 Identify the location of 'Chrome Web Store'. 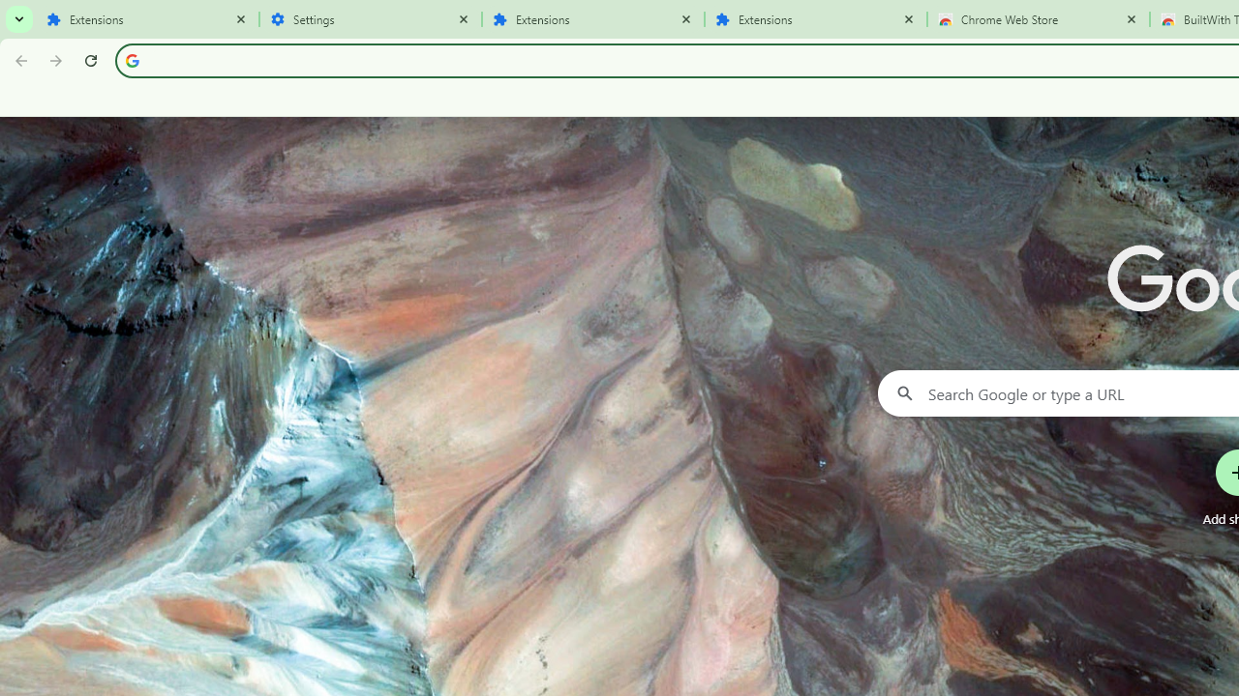
(1037, 19).